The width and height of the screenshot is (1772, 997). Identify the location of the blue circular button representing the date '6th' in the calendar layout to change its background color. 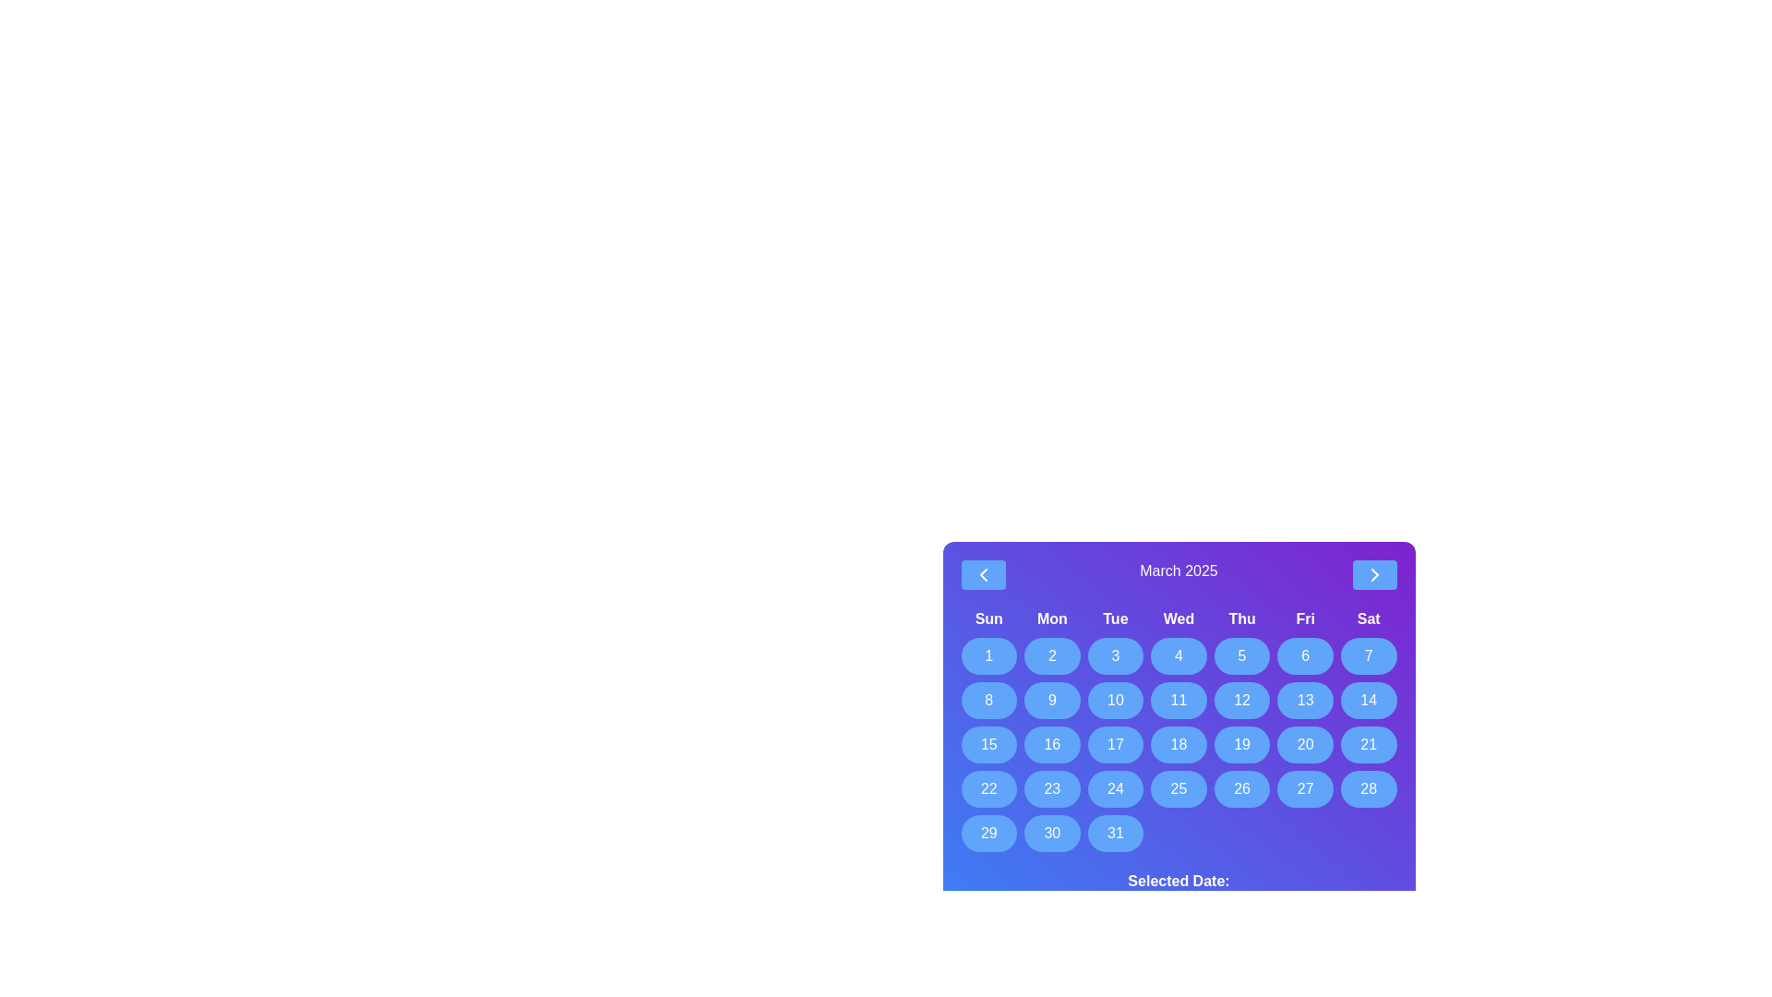
(1304, 655).